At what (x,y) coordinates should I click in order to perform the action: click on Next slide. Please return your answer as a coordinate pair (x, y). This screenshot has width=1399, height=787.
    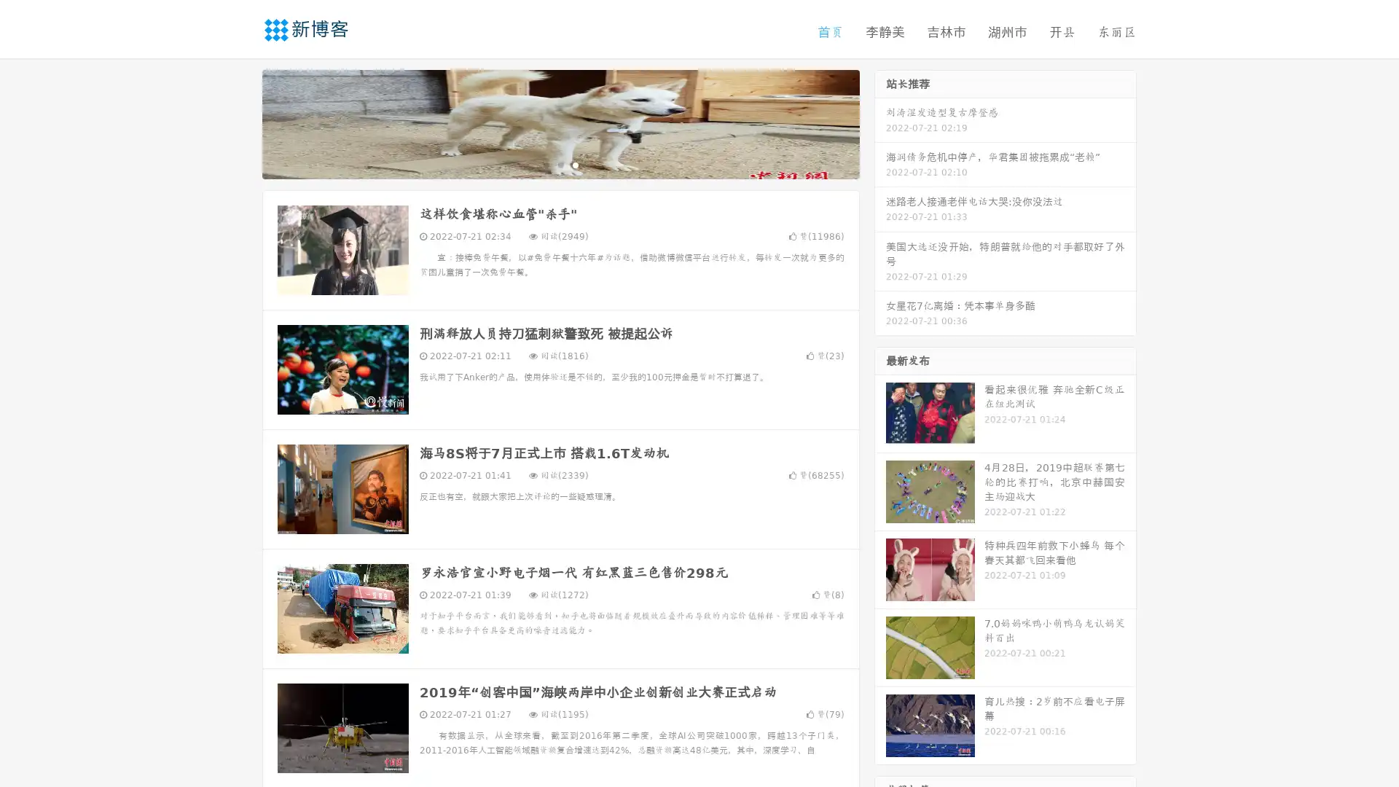
    Looking at the image, I should click on (880, 122).